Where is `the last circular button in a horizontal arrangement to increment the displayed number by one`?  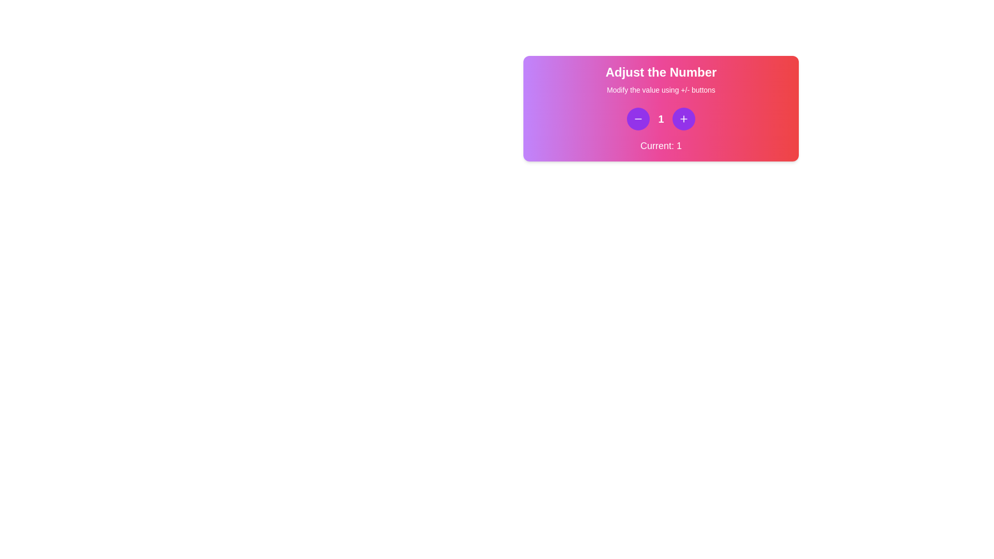
the last circular button in a horizontal arrangement to increment the displayed number by one is located at coordinates (683, 119).